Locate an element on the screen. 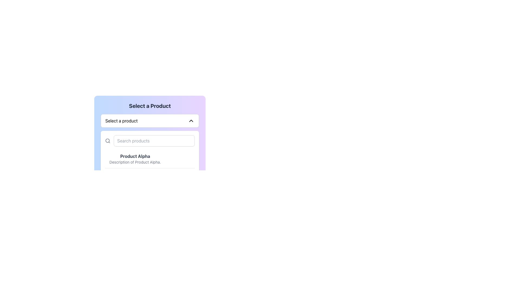 The width and height of the screenshot is (520, 292). the dropdown in the interactive product selection interface is located at coordinates (150, 156).